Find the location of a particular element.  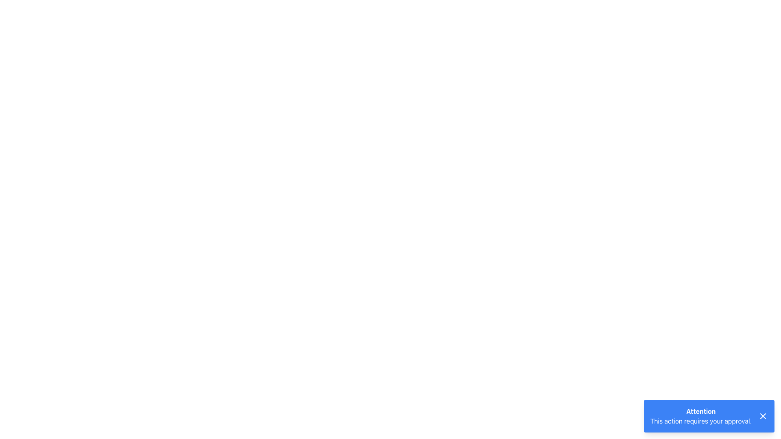

the 'X' button located at the top-right corner of the blue notification box by is located at coordinates (763, 416).